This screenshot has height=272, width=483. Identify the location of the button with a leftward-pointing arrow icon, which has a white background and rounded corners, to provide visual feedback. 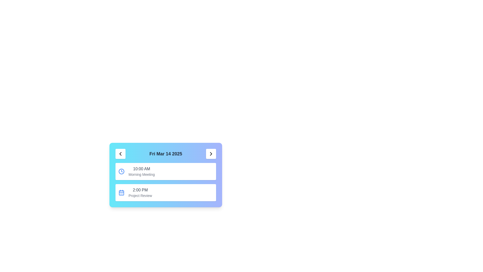
(120, 153).